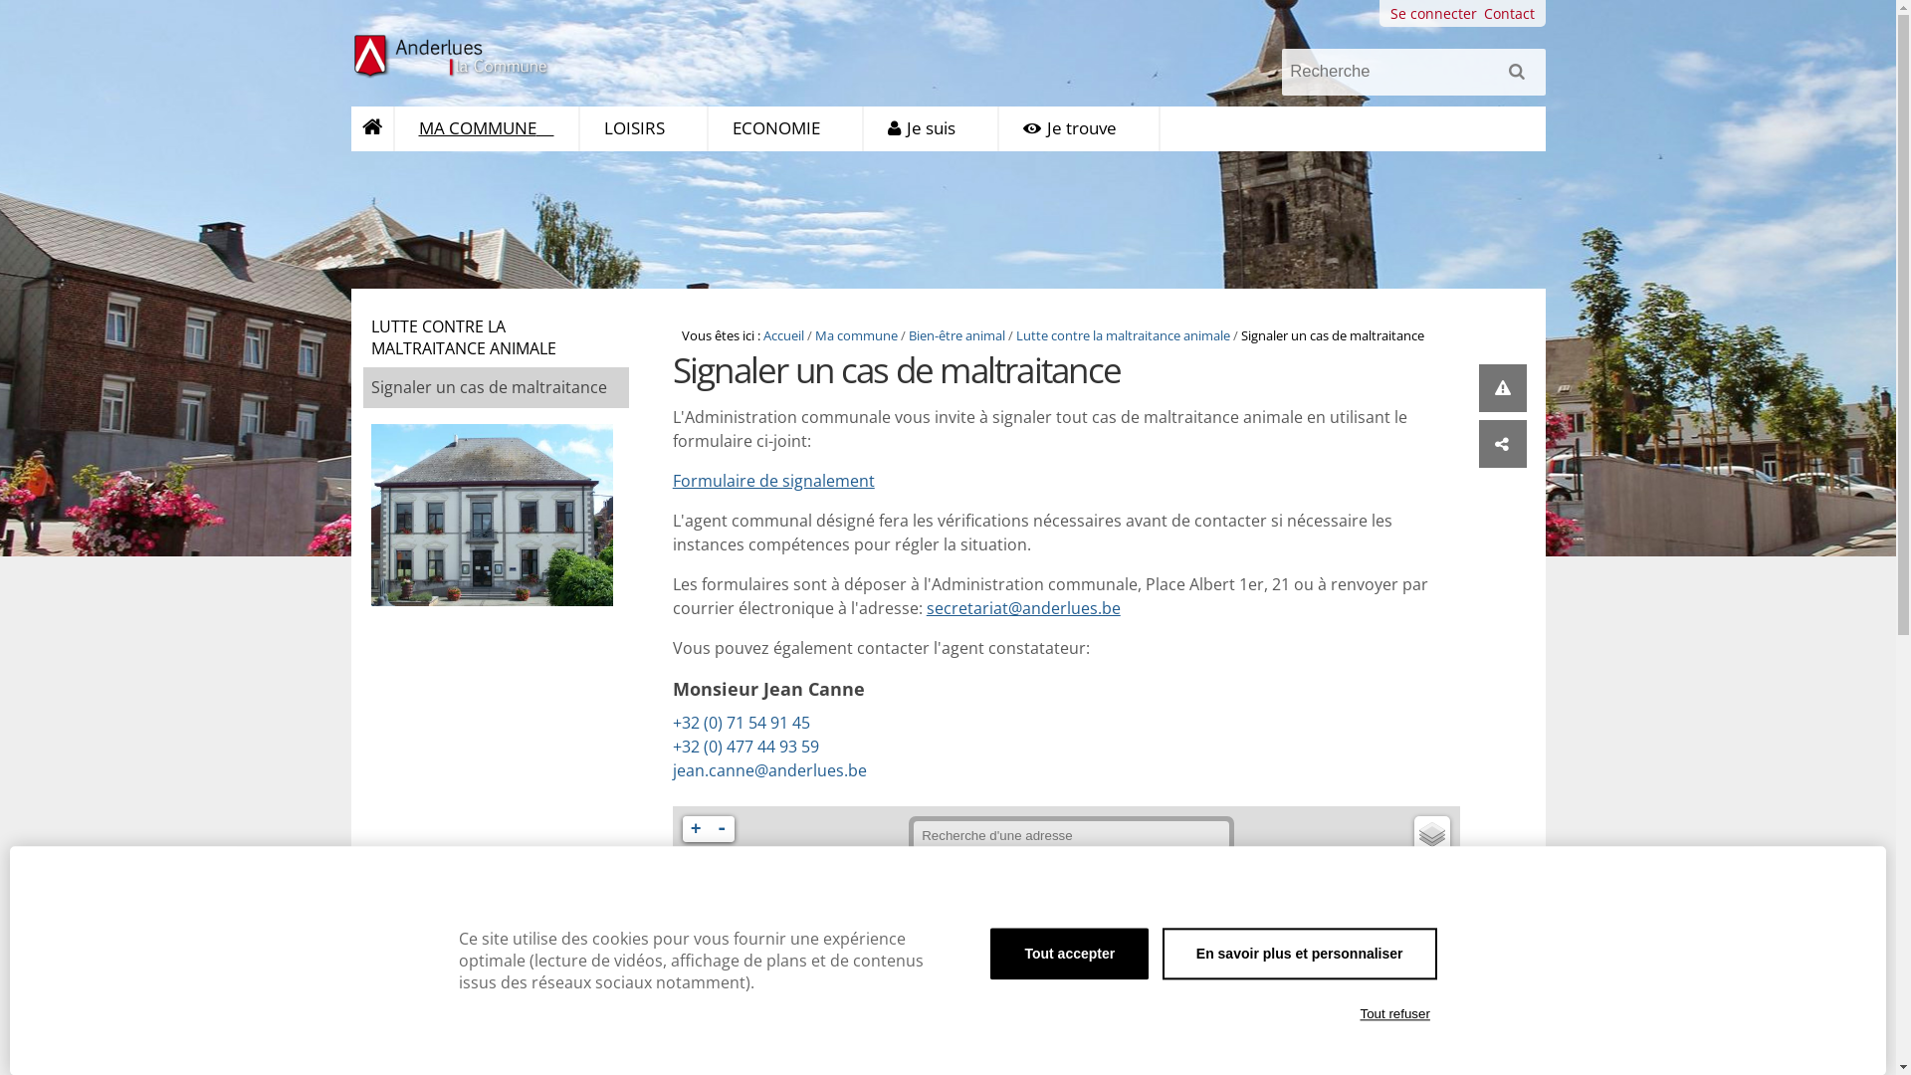 Image resolution: width=1911 pixels, height=1075 pixels. What do you see at coordinates (1078, 128) in the screenshot?
I see `'Je trouve'` at bounding box center [1078, 128].